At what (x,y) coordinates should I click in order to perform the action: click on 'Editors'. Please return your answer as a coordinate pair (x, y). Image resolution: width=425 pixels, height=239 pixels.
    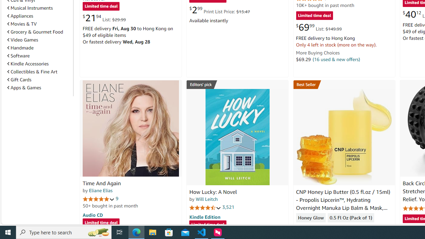
    Looking at the image, I should click on (237, 84).